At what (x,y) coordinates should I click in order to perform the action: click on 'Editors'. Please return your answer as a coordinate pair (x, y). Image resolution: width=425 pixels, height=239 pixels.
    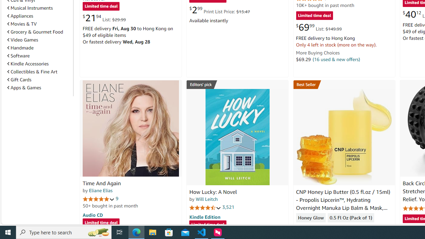
    Looking at the image, I should click on (237, 84).